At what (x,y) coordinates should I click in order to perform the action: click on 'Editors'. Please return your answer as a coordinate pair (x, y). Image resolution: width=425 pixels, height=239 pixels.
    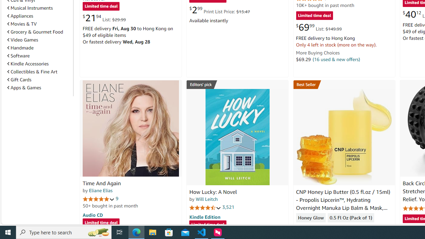
    Looking at the image, I should click on (237, 84).